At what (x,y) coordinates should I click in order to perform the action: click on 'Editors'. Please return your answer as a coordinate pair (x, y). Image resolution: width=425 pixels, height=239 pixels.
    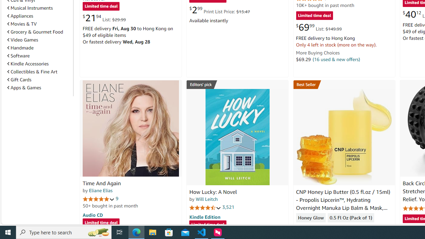
    Looking at the image, I should click on (237, 84).